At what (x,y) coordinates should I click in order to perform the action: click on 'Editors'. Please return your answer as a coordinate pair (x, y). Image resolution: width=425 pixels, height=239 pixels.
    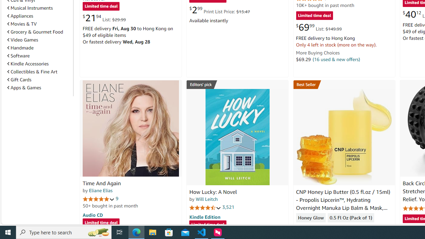
    Looking at the image, I should click on (237, 84).